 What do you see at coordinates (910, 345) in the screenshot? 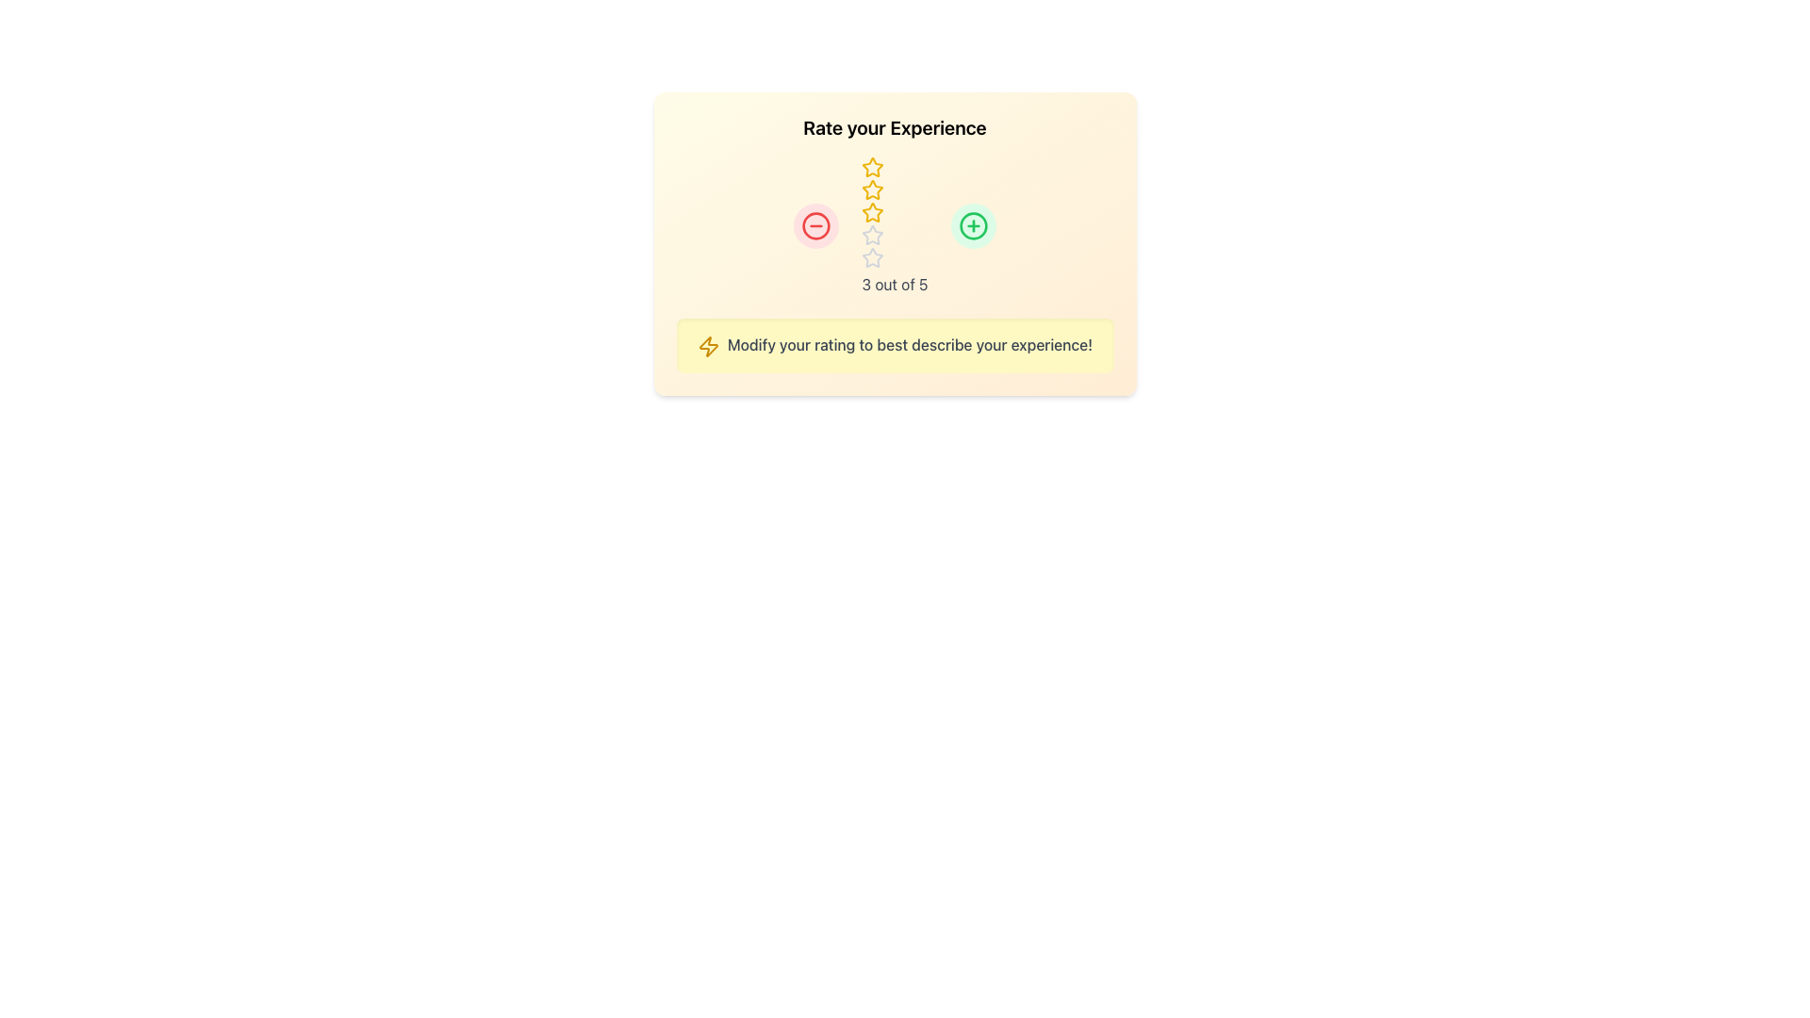
I see `the third text label that provides guidance for the rating adjustment process, positioned below a decorative icon and graphics` at bounding box center [910, 345].